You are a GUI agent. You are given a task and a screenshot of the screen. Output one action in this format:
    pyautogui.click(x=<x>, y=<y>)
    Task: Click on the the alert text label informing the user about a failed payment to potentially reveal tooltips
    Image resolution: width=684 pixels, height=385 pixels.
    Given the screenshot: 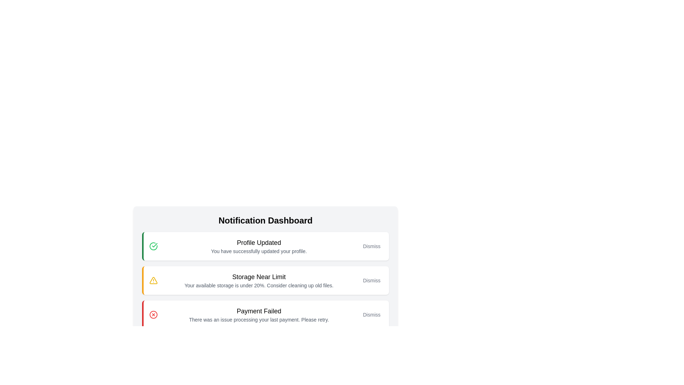 What is the action you would take?
    pyautogui.click(x=258, y=314)
    